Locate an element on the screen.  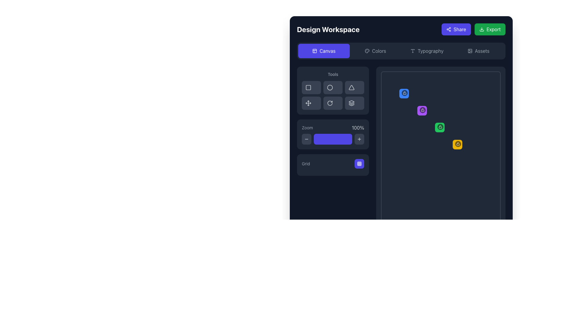
the third button in the 'Tools' section of the interface is located at coordinates (351, 105).